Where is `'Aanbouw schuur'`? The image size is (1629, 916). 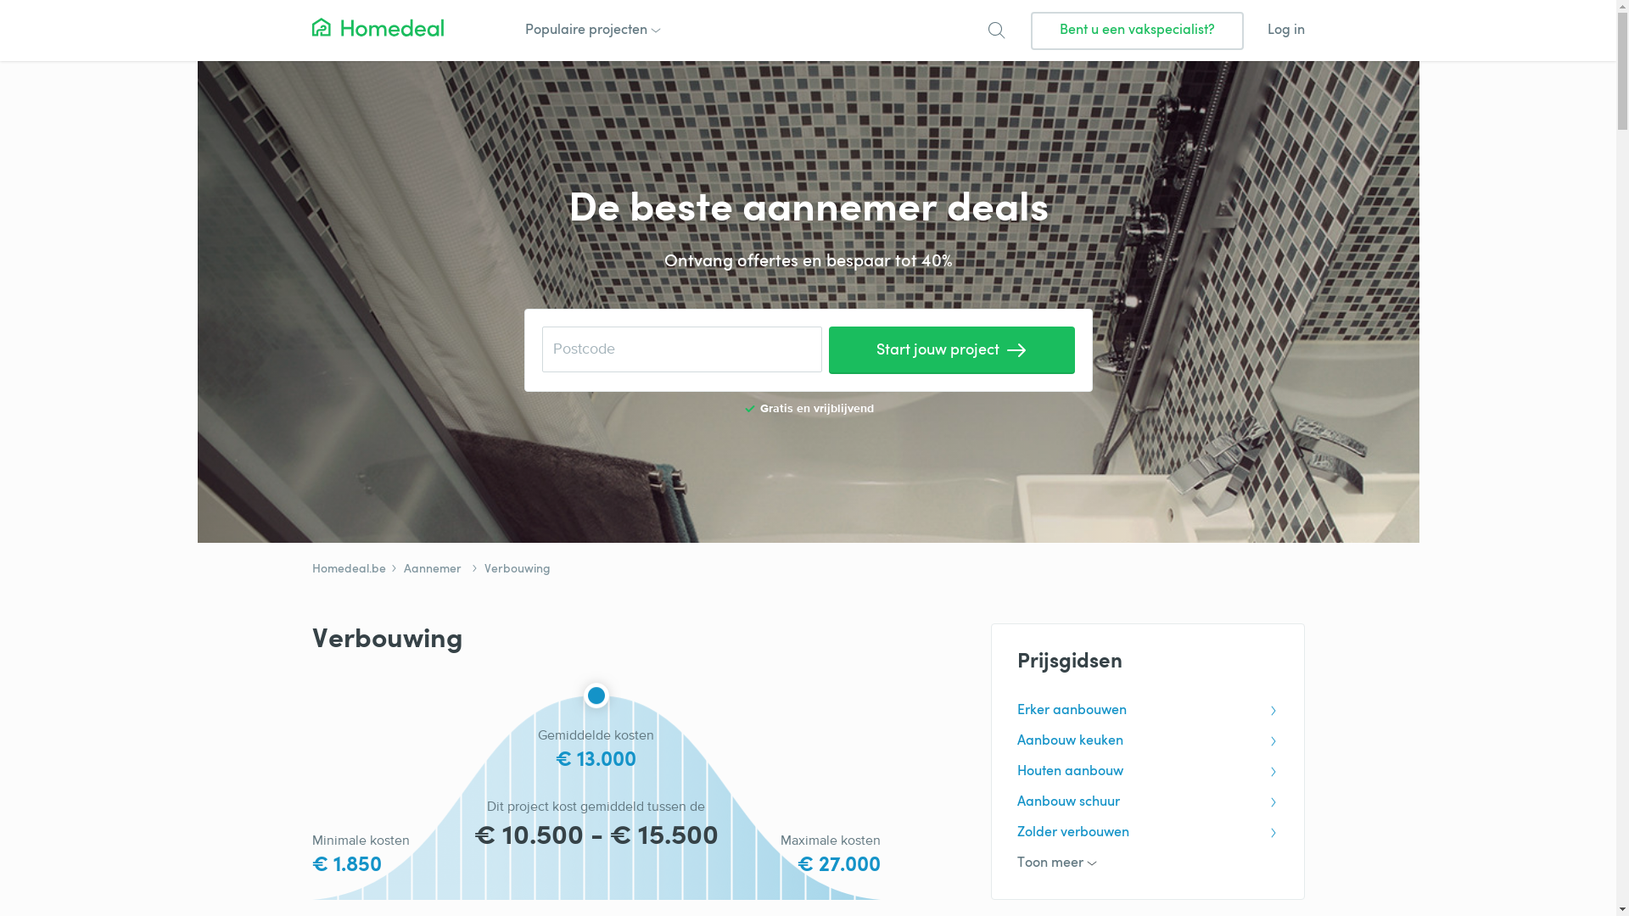
'Aanbouw schuur' is located at coordinates (1147, 801).